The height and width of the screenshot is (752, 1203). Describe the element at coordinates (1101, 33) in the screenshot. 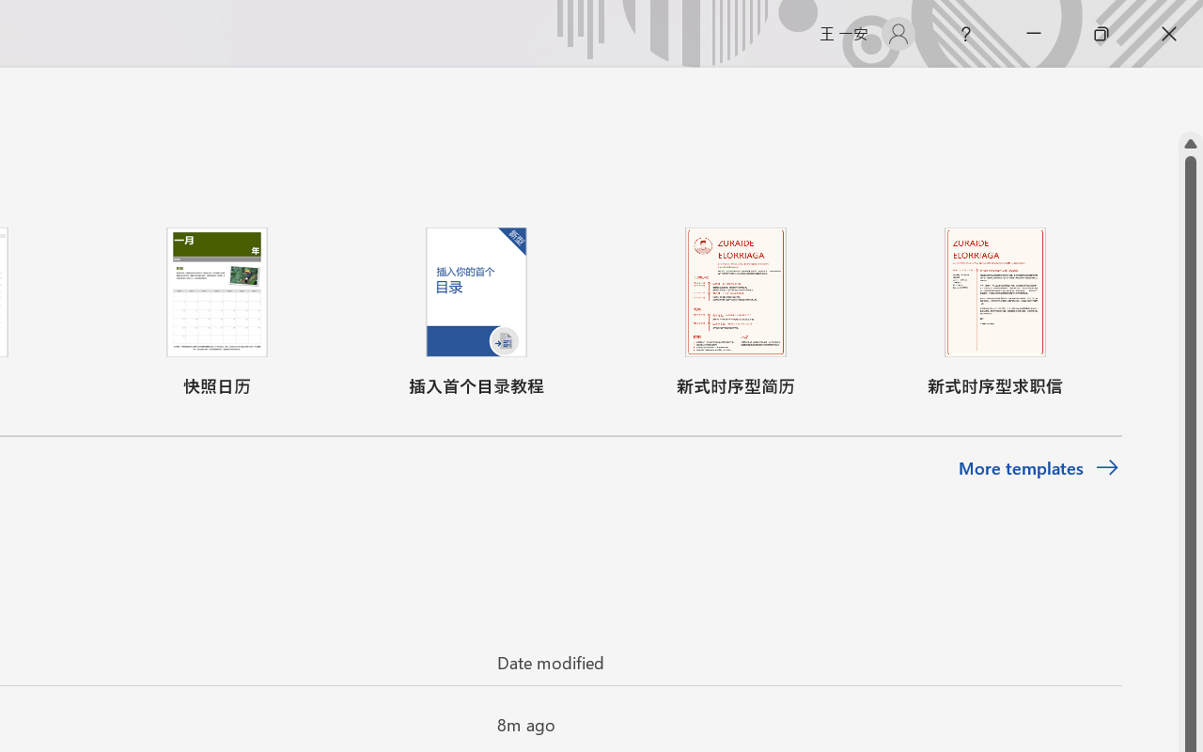

I see `'Restore Down'` at that location.